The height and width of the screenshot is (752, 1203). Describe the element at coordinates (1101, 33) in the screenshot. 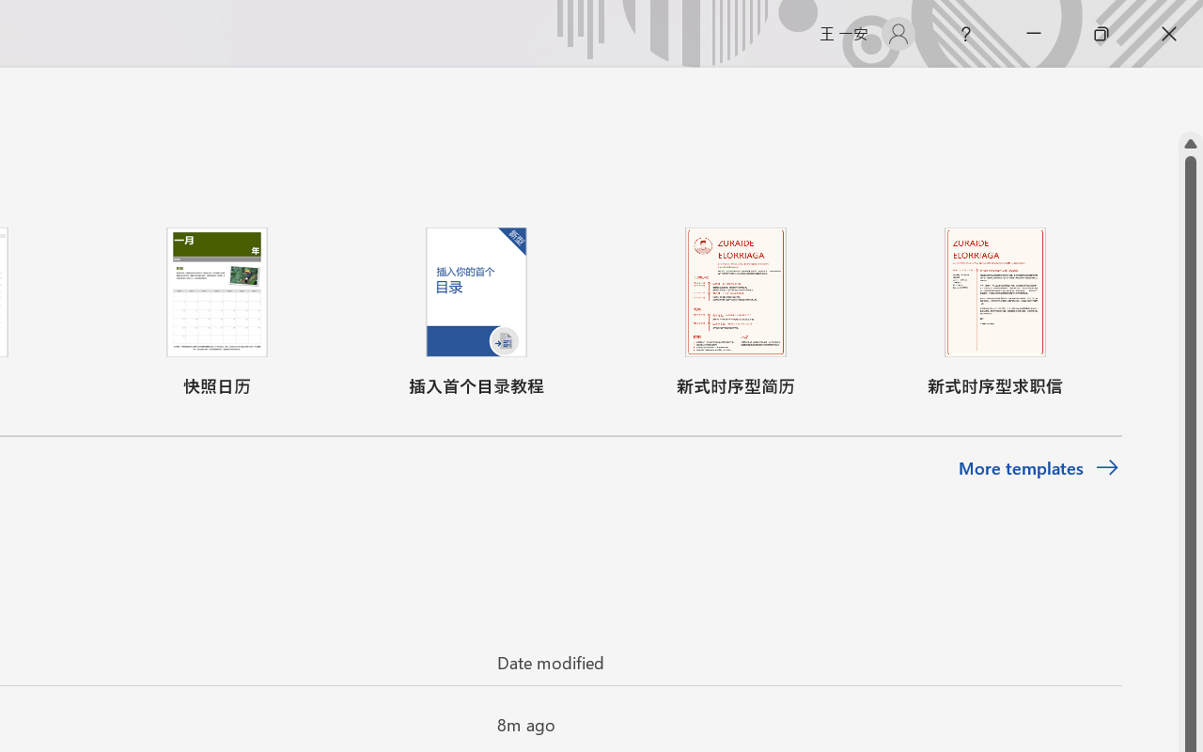

I see `'Restore Down'` at that location.